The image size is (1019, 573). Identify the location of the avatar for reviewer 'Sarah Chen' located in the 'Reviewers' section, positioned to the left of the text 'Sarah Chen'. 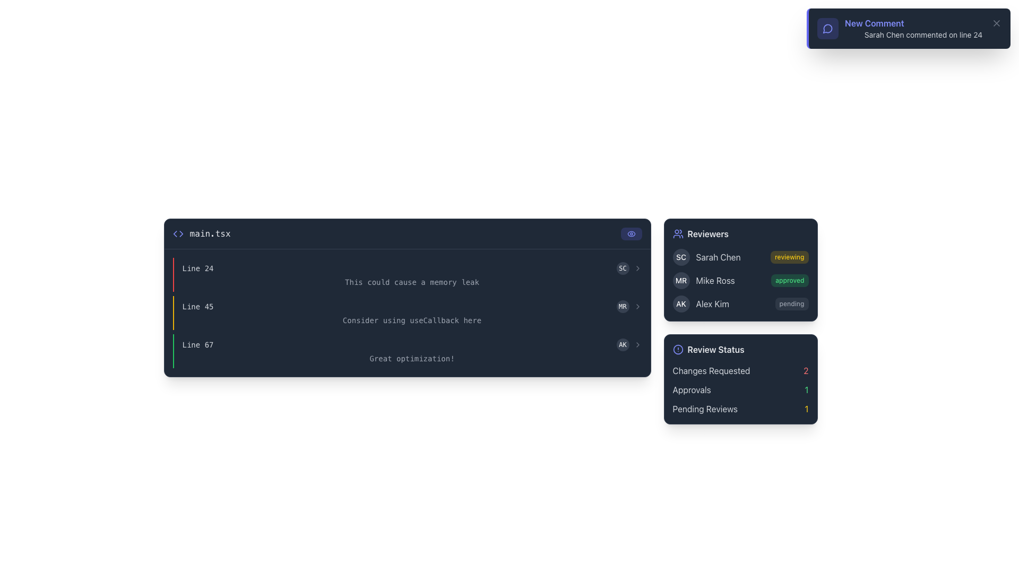
(681, 257).